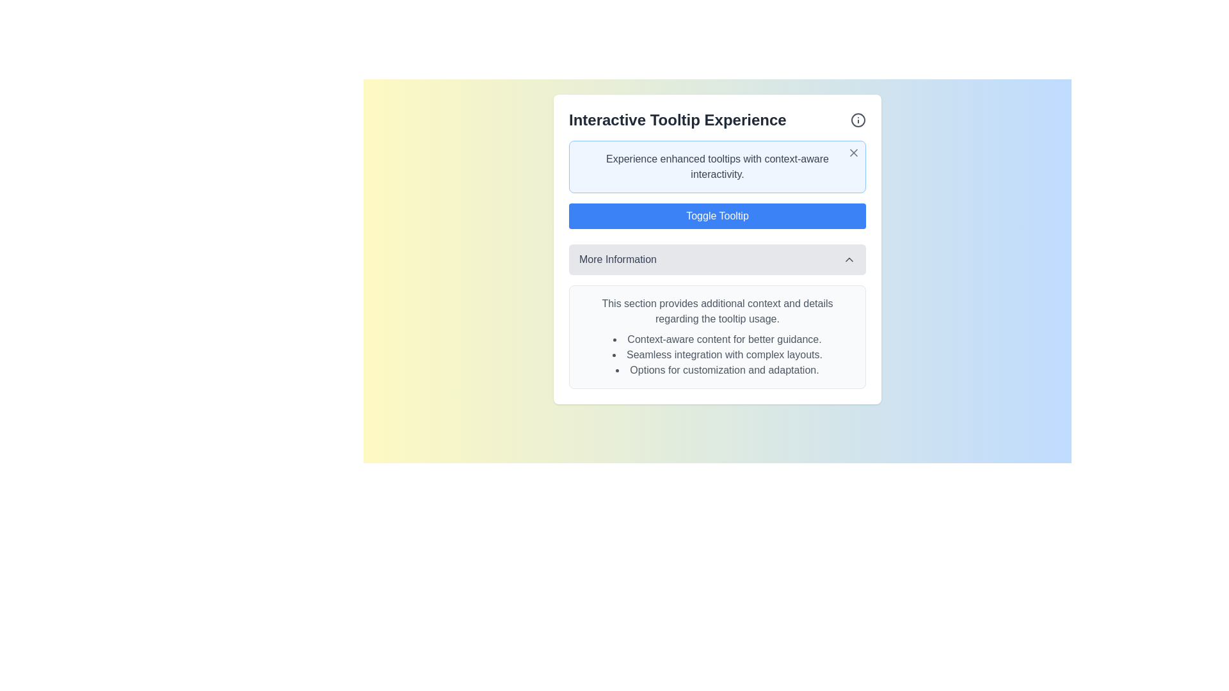  I want to click on the icon button in the top-right corner of the informational box that contains the text 'Experience enhanced tooltips with context-aware interactivity.', so click(854, 152).